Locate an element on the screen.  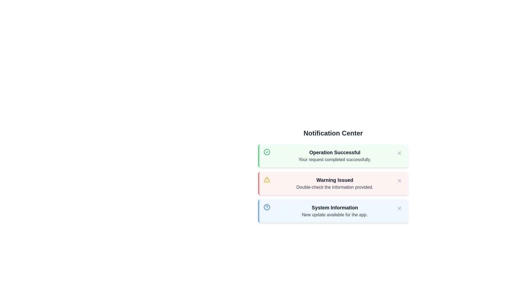
text from the notification element that displays 'Operation Successful' and 'Your request completed successfully.' located at the center of the success message section in the Notification Center is located at coordinates (335, 156).